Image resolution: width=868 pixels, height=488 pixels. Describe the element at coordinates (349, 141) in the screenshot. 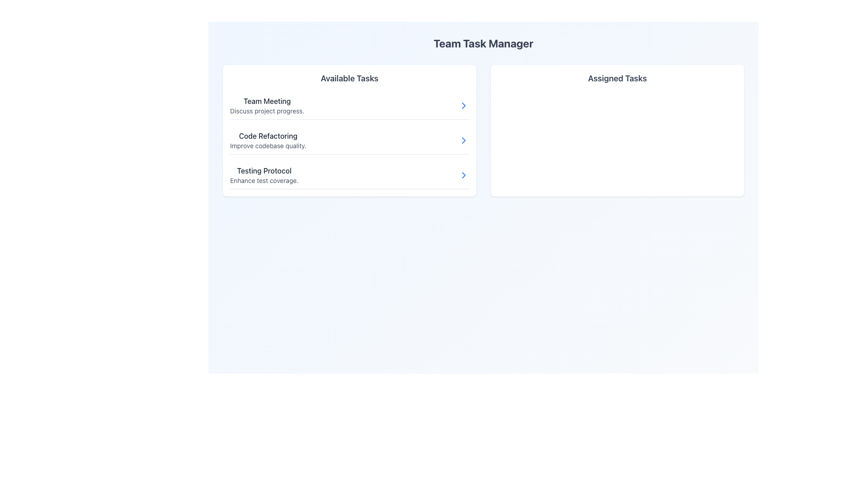

I see `the task list item for 'Code Refactoring'` at that location.